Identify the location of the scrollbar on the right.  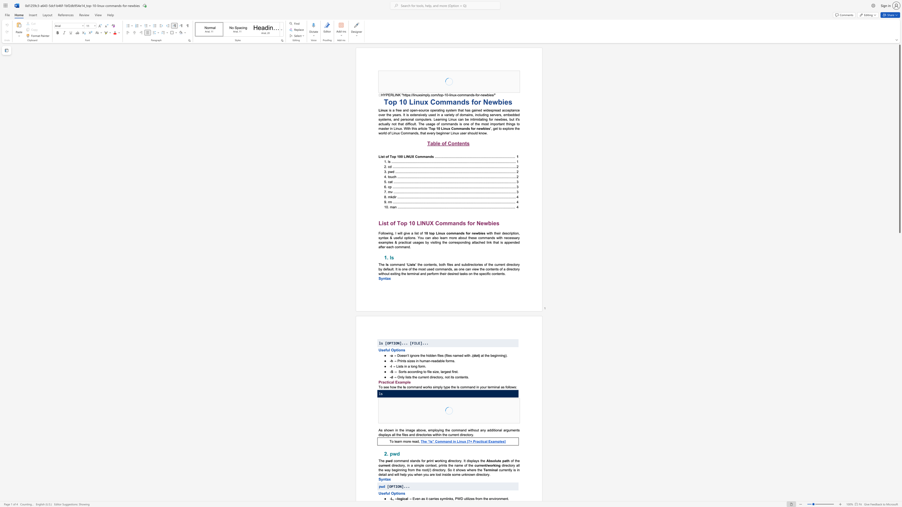
(899, 394).